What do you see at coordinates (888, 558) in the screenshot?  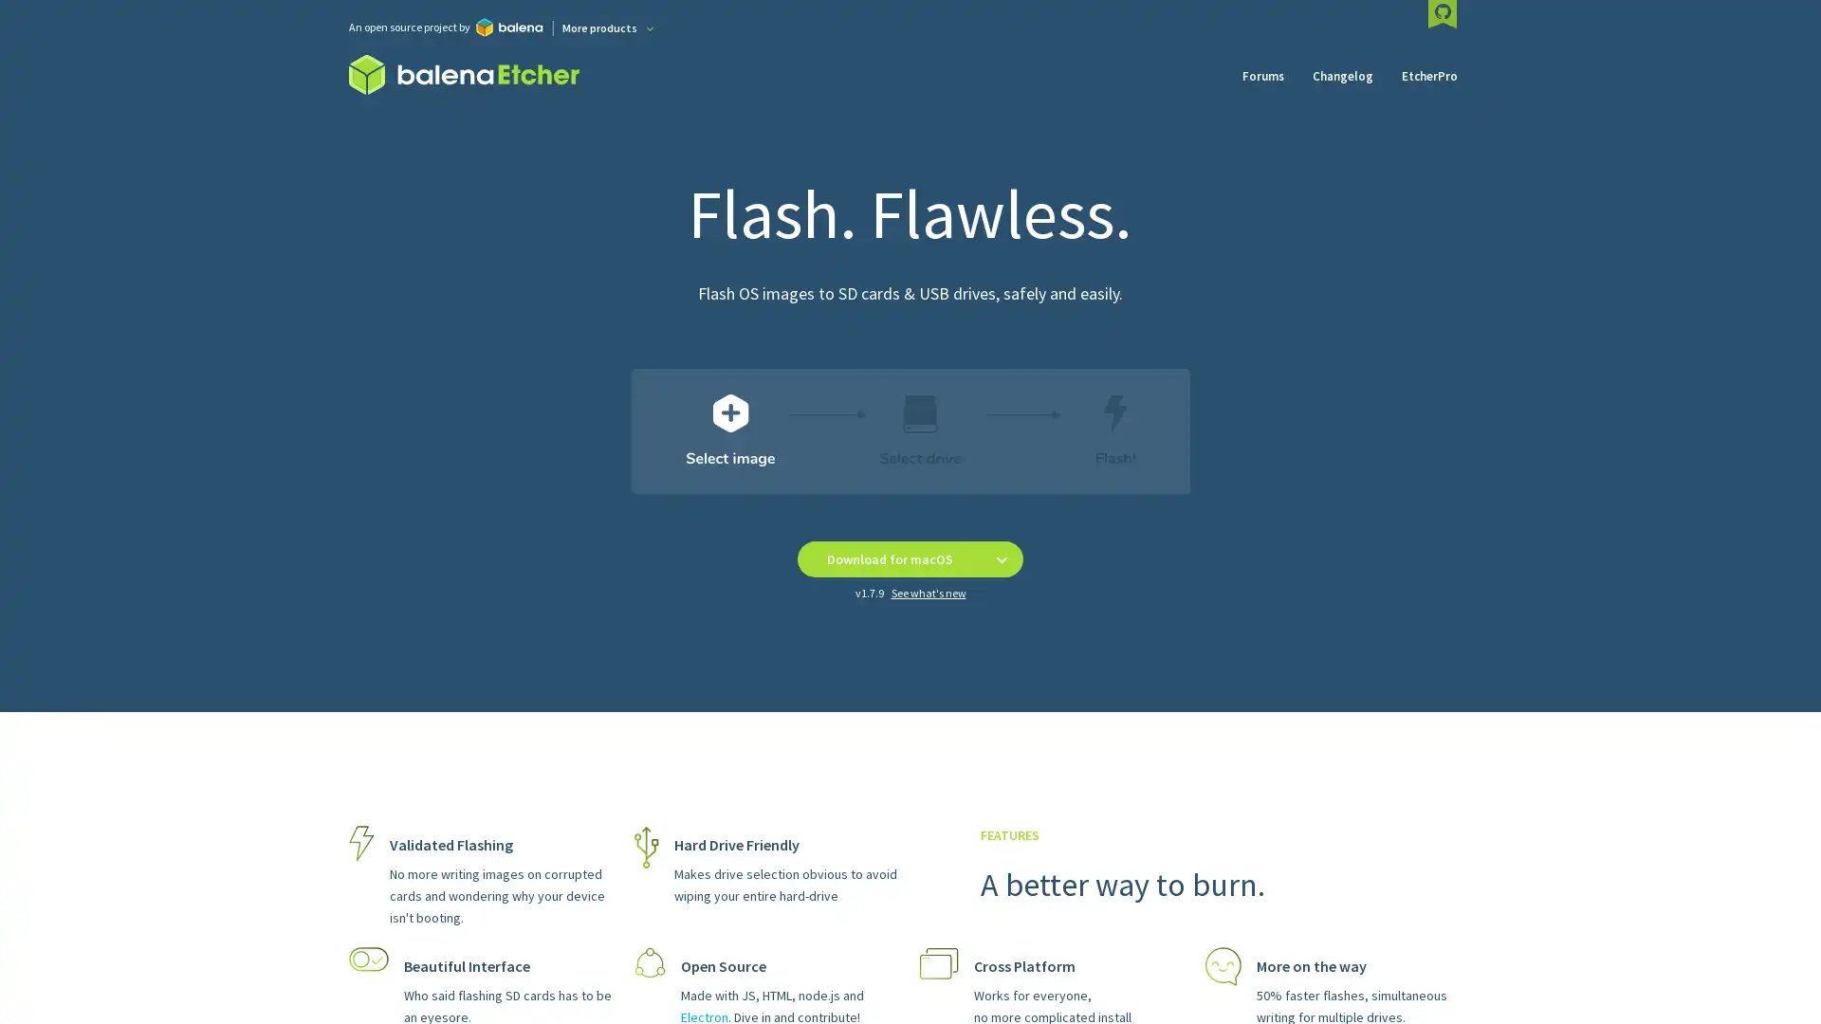 I see `Download for macOS` at bounding box center [888, 558].